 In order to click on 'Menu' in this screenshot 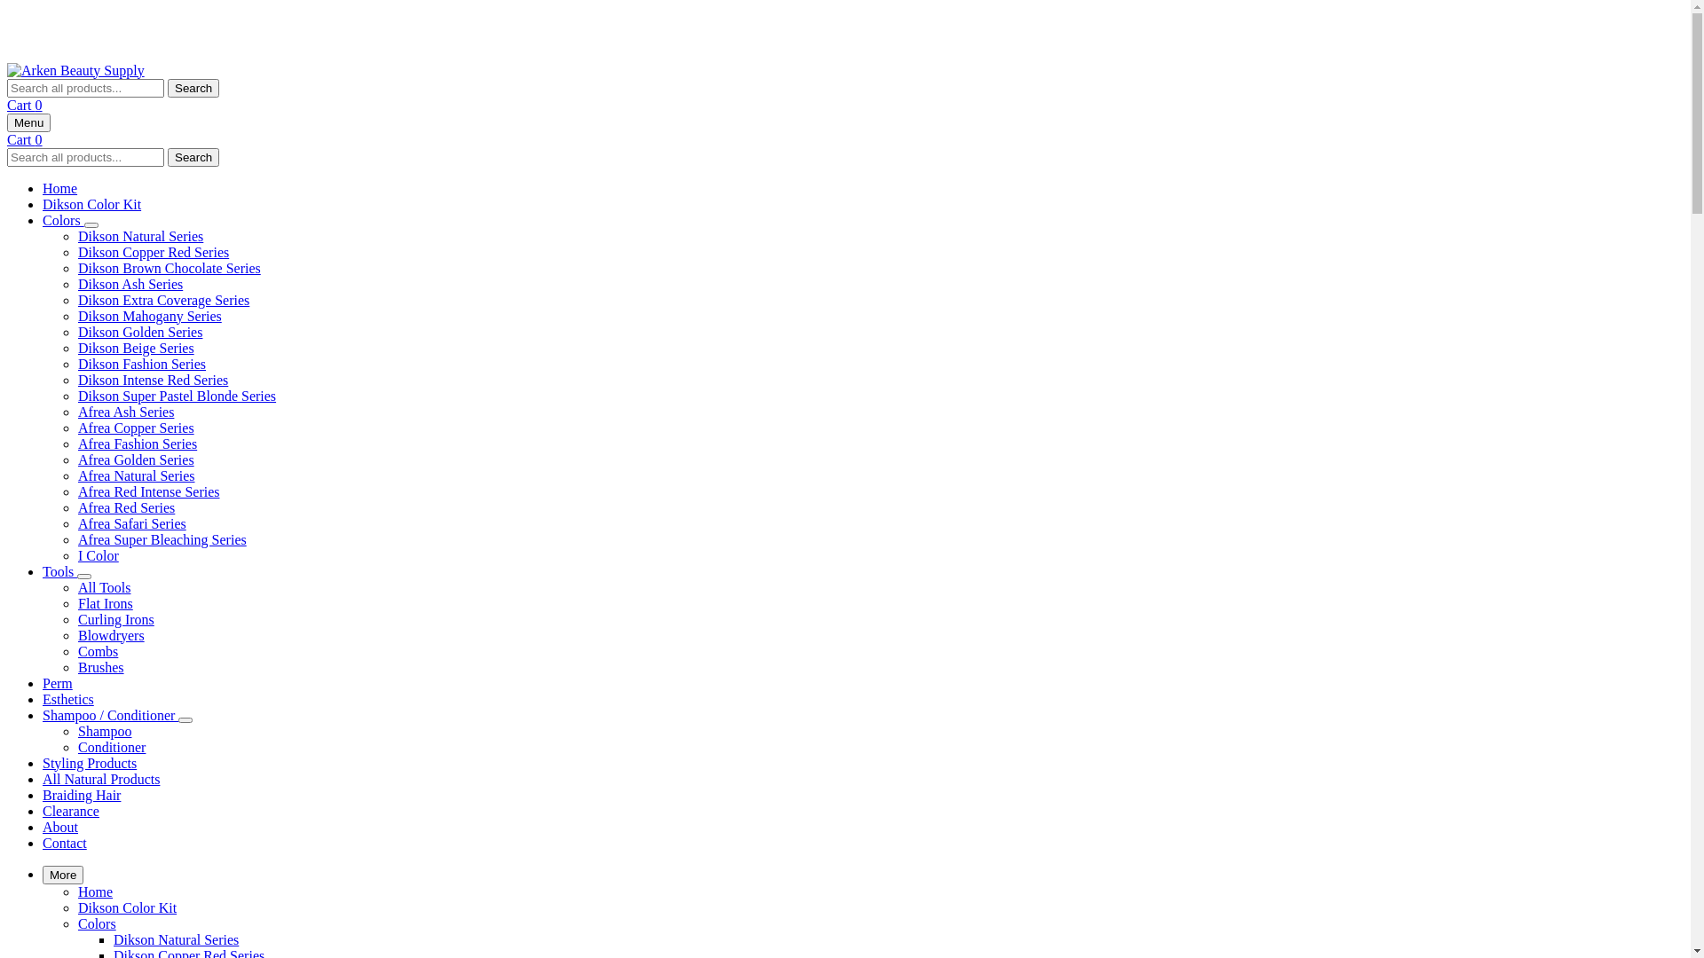, I will do `click(28, 122)`.